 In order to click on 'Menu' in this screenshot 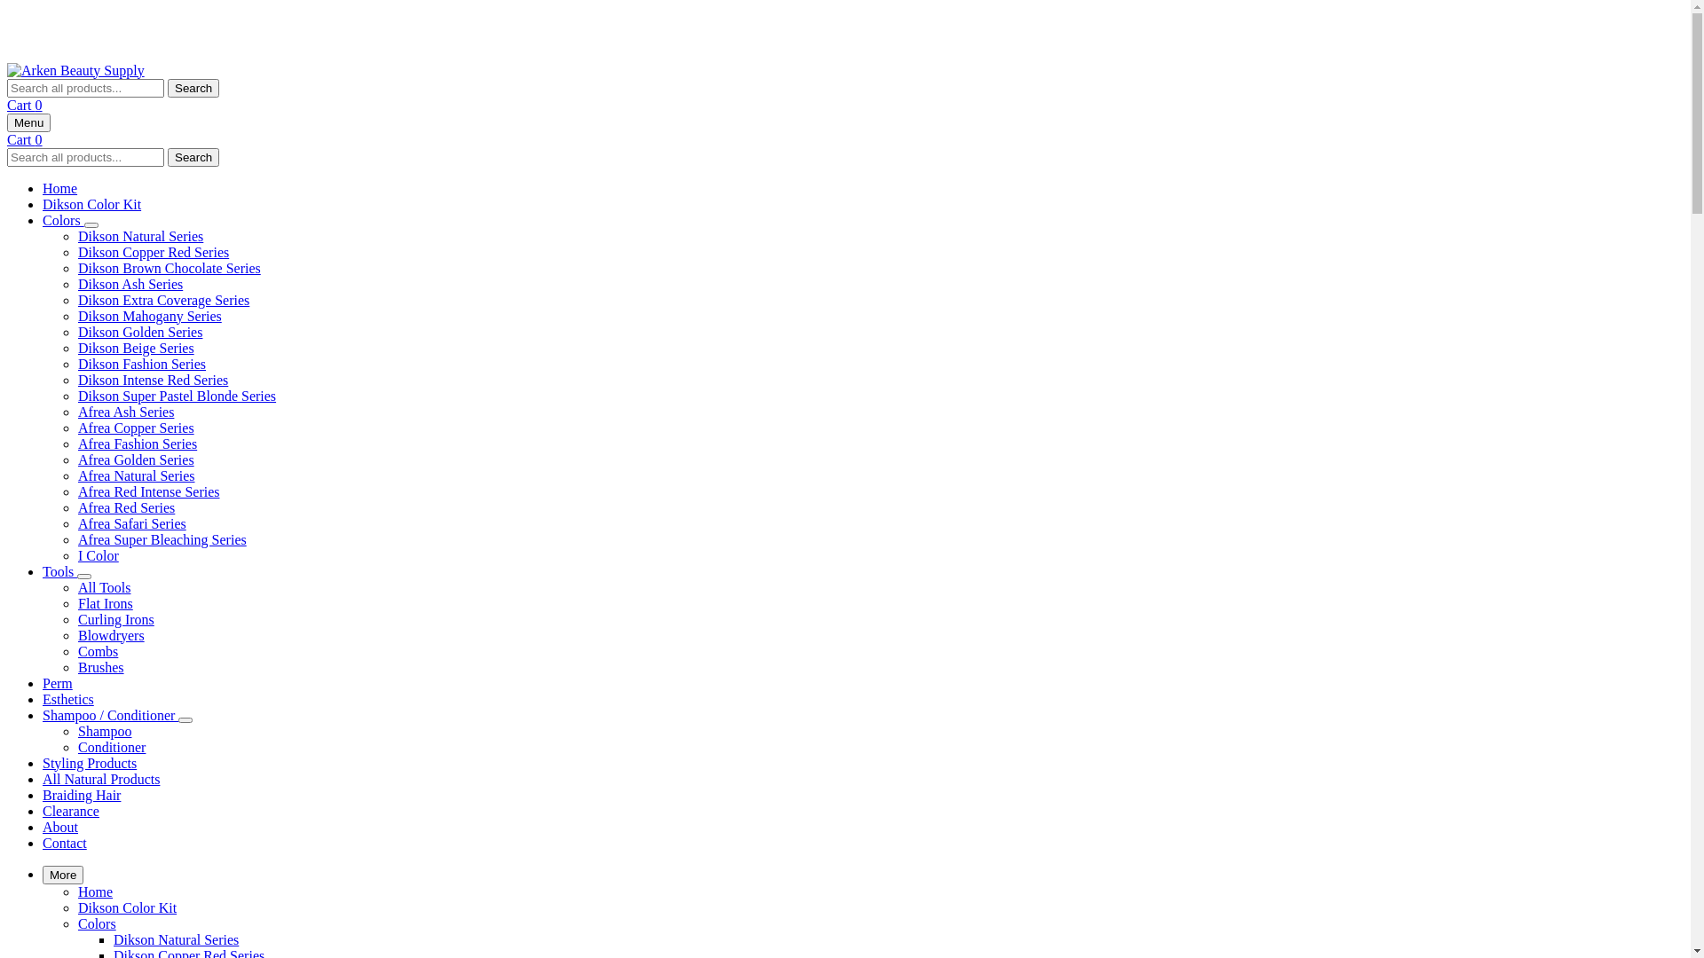, I will do `click(28, 122)`.